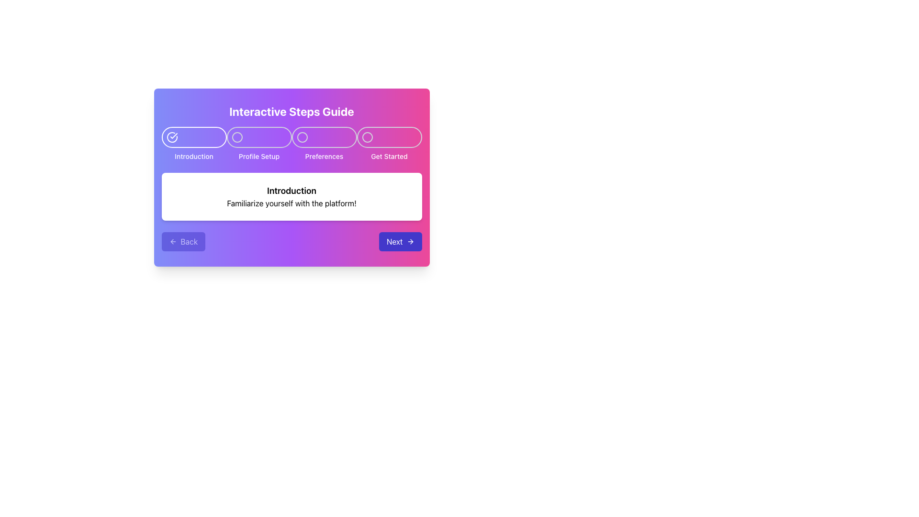 Image resolution: width=919 pixels, height=517 pixels. Describe the element at coordinates (172, 137) in the screenshot. I see `the completion indication of the first icon in the horizontal sequence of step indicators representing the 'Introduction' step` at that location.